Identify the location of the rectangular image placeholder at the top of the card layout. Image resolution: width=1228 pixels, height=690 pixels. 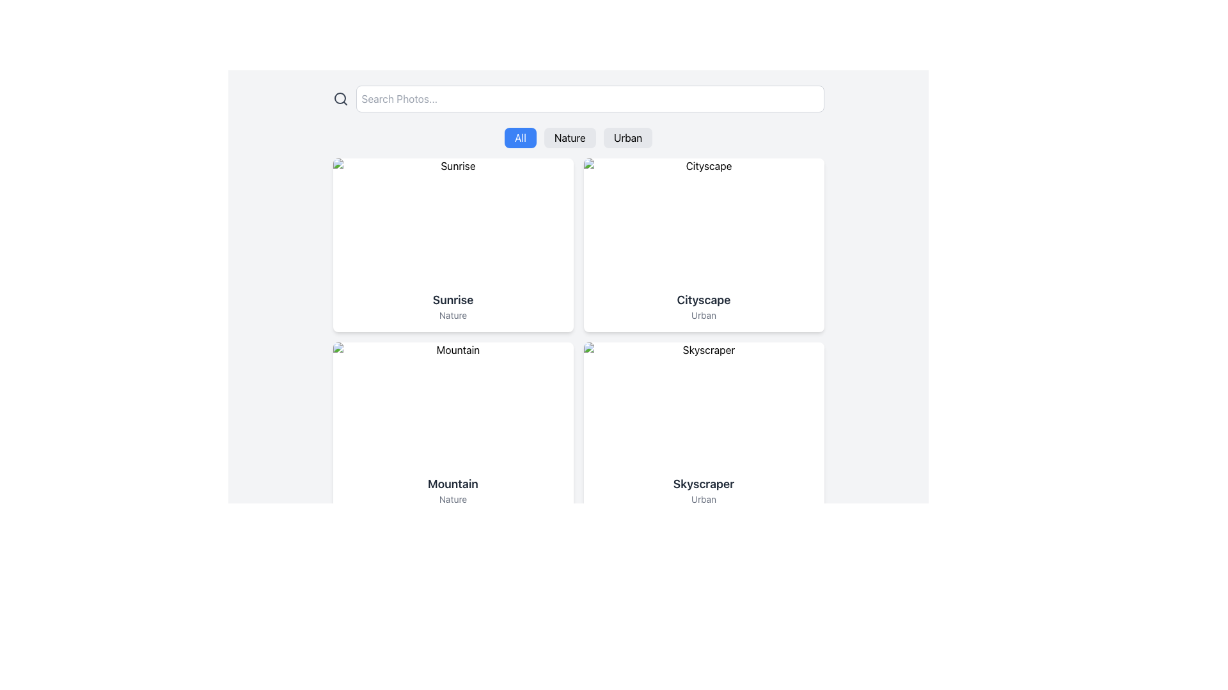
(703, 404).